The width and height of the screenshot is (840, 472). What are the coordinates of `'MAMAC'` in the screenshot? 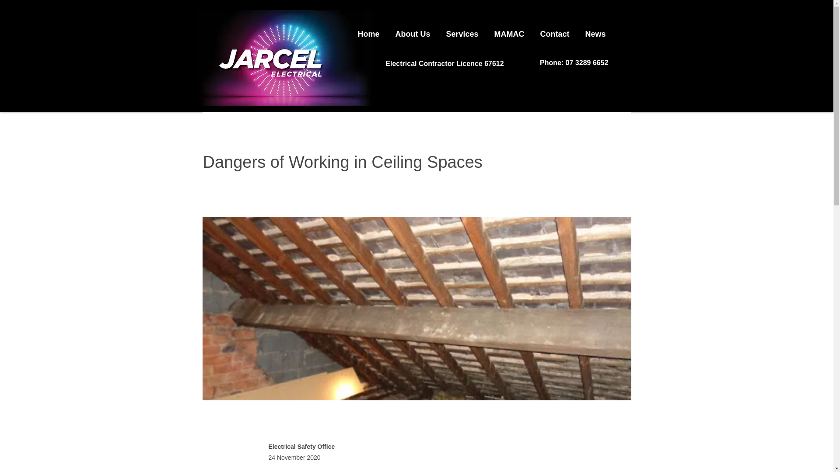 It's located at (509, 30).